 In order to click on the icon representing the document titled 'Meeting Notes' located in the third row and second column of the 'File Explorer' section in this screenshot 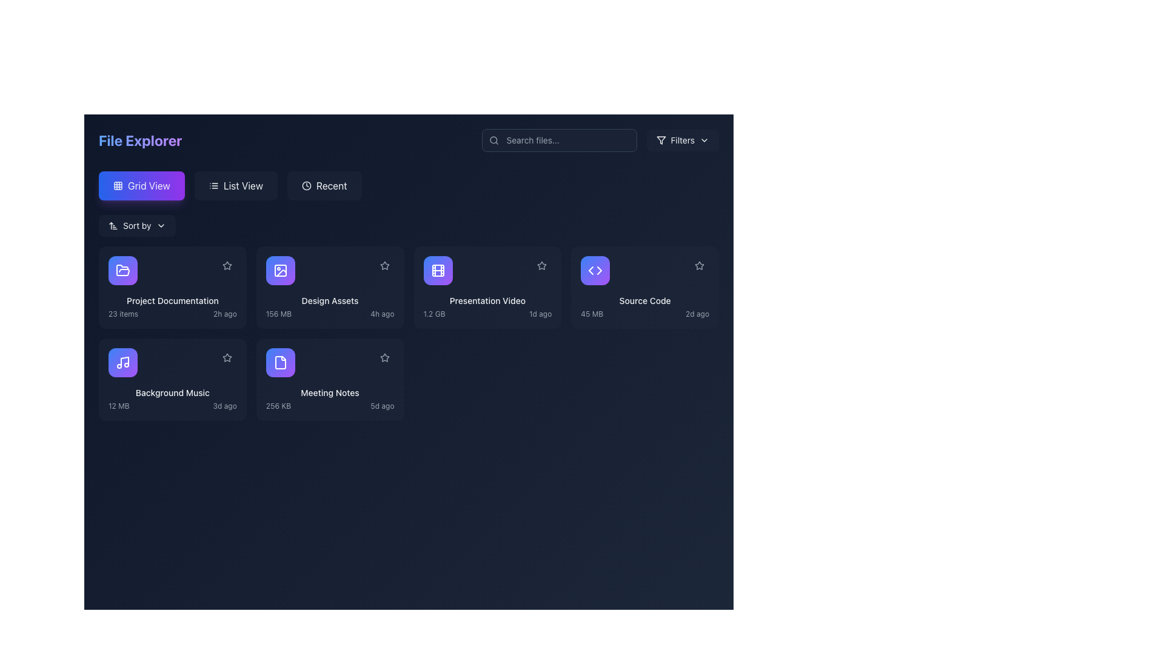, I will do `click(279, 362)`.